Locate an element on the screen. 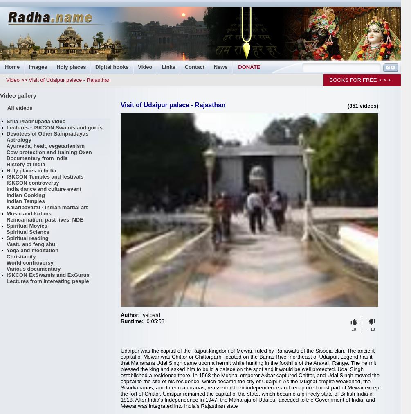  'All videos' is located at coordinates (7, 108).